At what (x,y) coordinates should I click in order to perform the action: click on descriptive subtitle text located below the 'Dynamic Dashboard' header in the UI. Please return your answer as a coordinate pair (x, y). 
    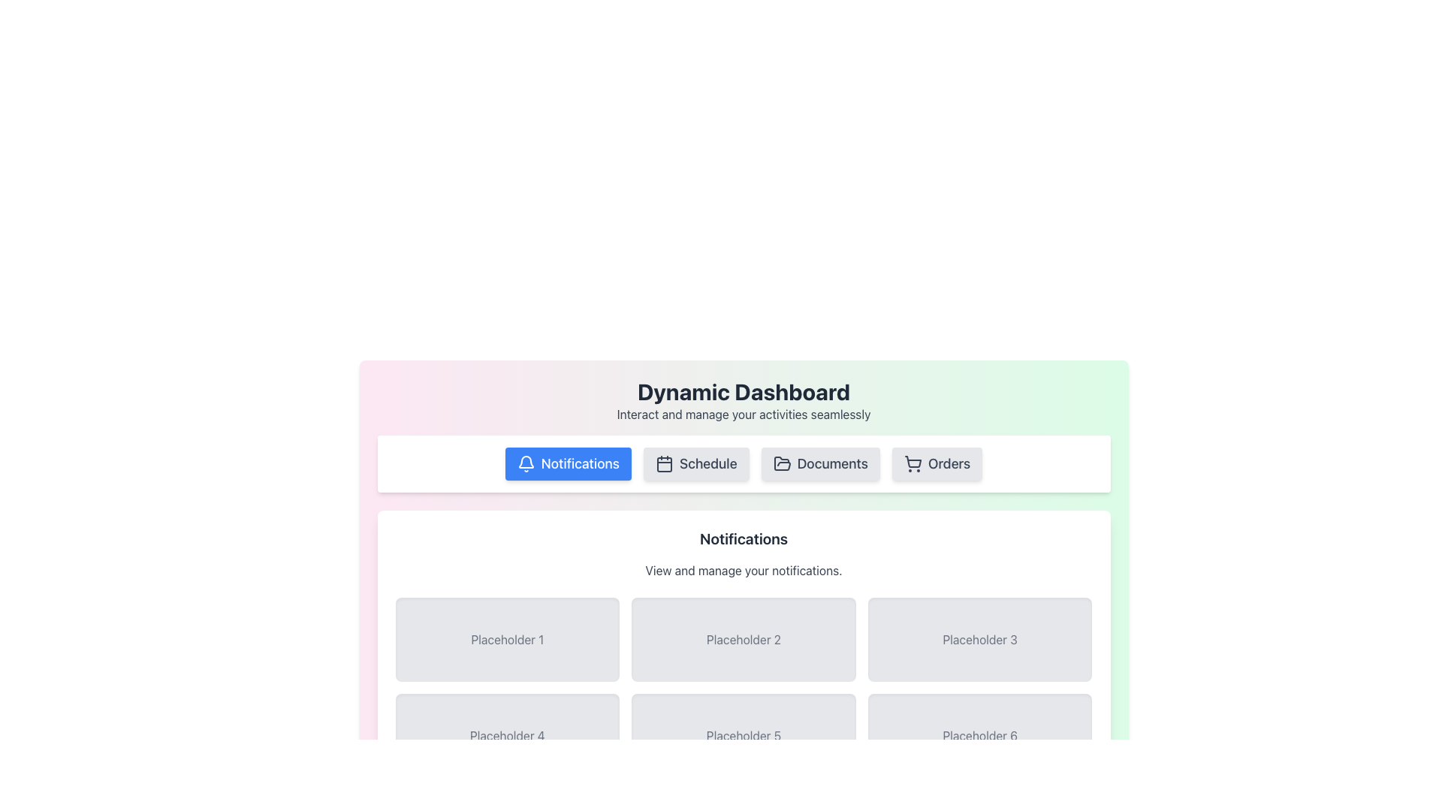
    Looking at the image, I should click on (744, 414).